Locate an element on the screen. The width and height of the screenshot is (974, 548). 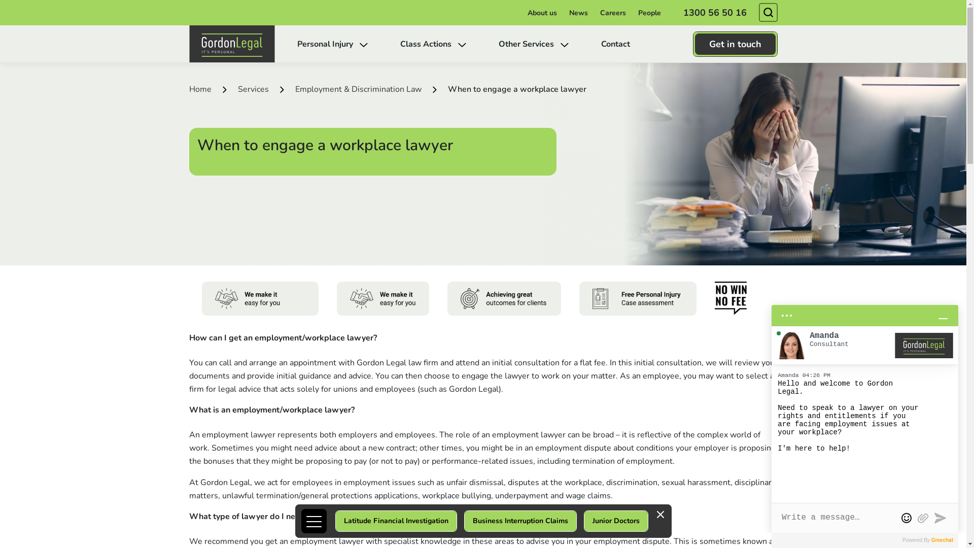
'News' is located at coordinates (569, 13).